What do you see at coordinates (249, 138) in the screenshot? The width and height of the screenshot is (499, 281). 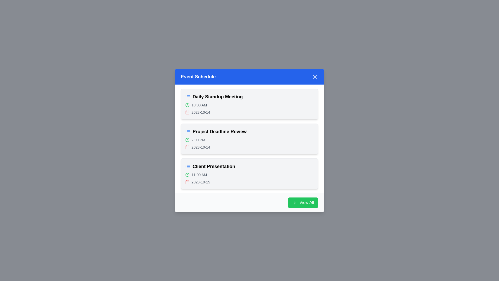 I see `the Card item representing the event entry for the project deadline review, located between 'Daily Standup Meeting' and 'Client Presentation' in the 'Event Schedule' modal` at bounding box center [249, 138].